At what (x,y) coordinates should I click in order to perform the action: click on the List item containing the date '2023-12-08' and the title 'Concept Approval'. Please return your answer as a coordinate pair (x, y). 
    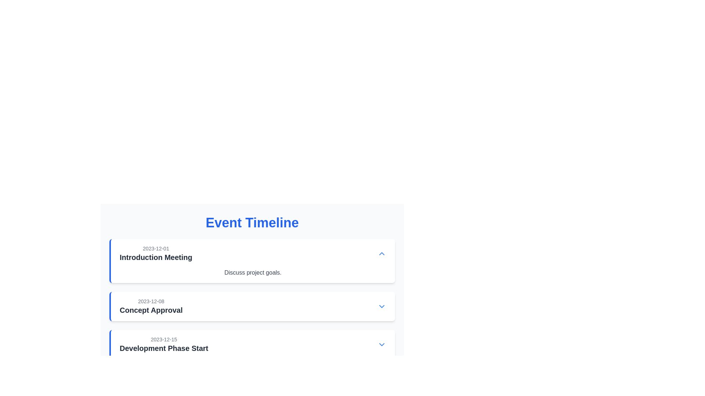
    Looking at the image, I should click on (253, 307).